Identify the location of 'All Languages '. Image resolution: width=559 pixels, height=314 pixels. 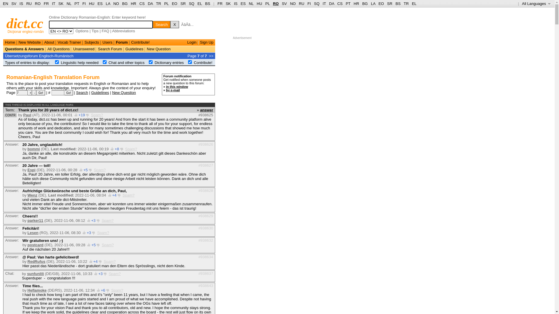
(536, 3).